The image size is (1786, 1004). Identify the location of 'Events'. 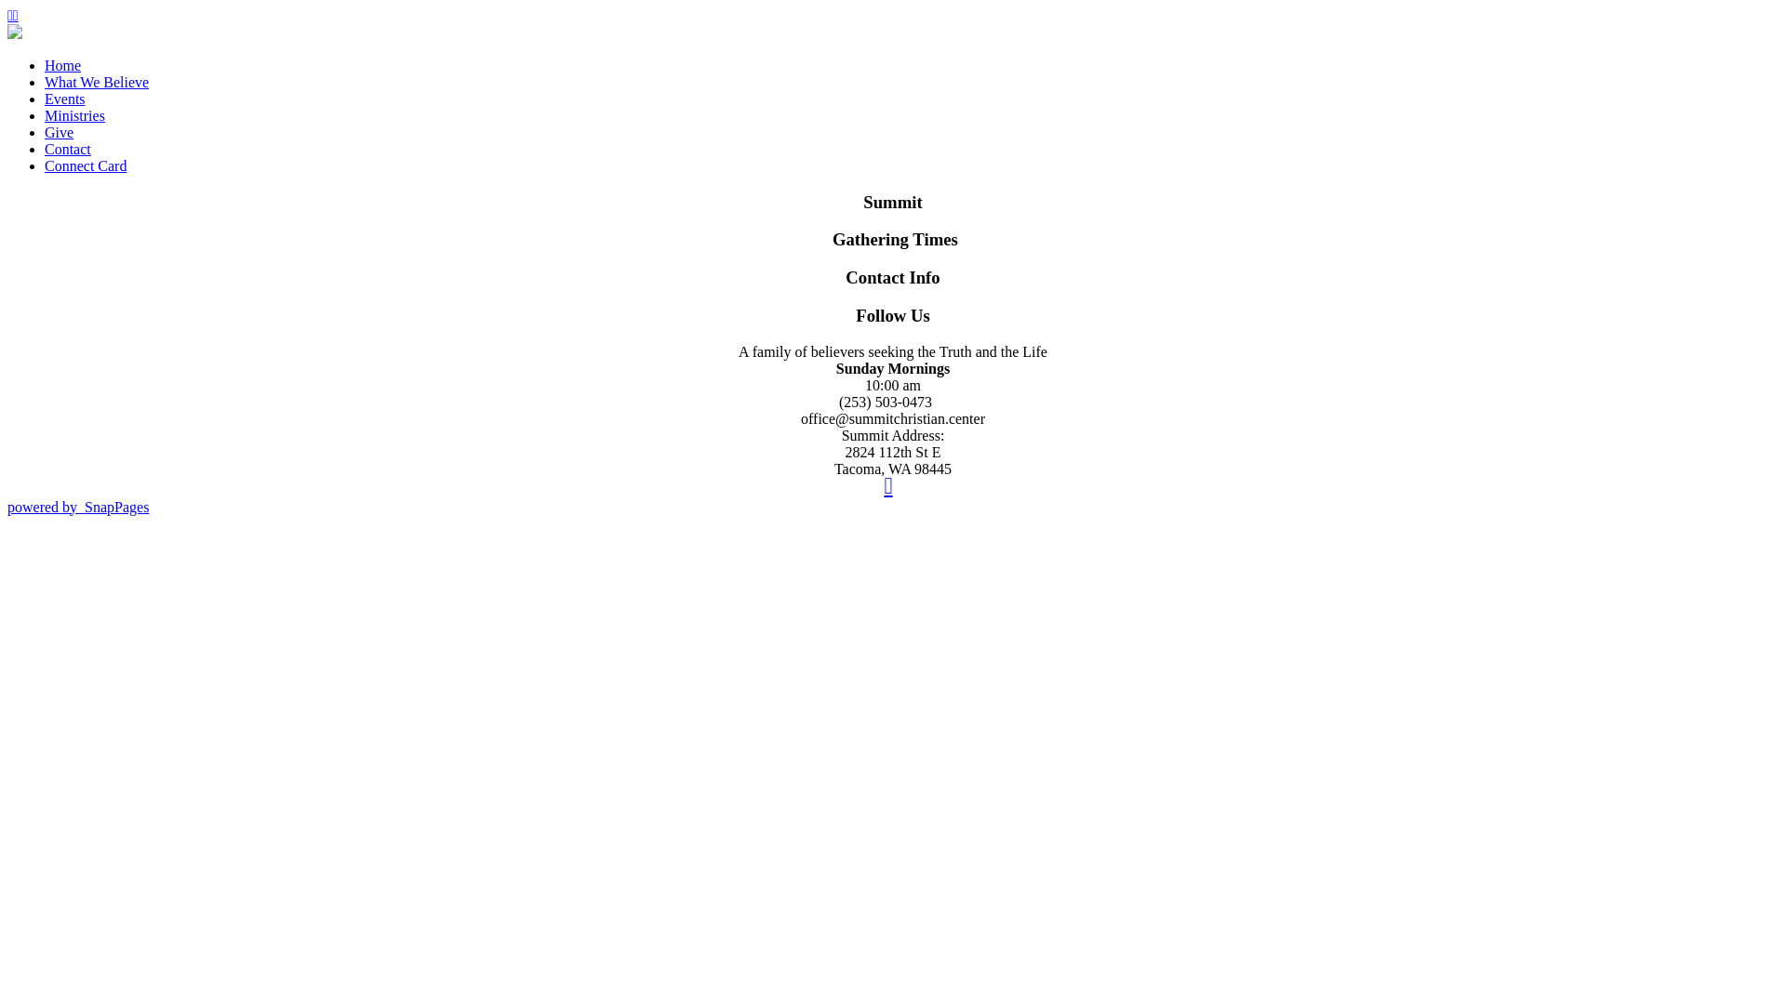
(45, 99).